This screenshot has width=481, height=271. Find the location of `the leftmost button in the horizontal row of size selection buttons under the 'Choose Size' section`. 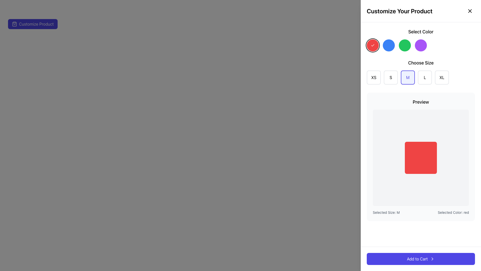

the leftmost button in the horizontal row of size selection buttons under the 'Choose Size' section is located at coordinates (374, 77).